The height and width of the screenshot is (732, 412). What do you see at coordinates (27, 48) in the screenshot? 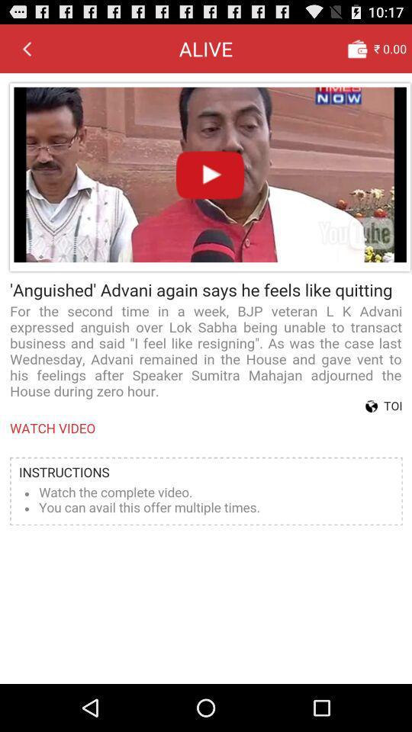
I see `go back` at bounding box center [27, 48].